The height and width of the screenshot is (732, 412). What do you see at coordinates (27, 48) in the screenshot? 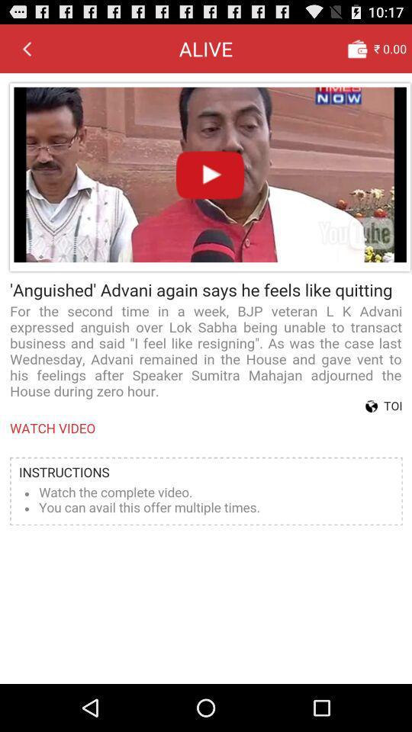
I see `go back` at bounding box center [27, 48].